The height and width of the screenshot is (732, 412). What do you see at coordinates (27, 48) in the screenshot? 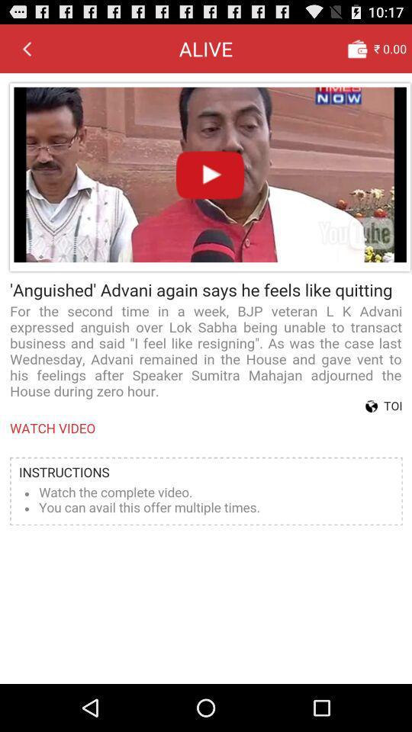
I see `go back` at bounding box center [27, 48].